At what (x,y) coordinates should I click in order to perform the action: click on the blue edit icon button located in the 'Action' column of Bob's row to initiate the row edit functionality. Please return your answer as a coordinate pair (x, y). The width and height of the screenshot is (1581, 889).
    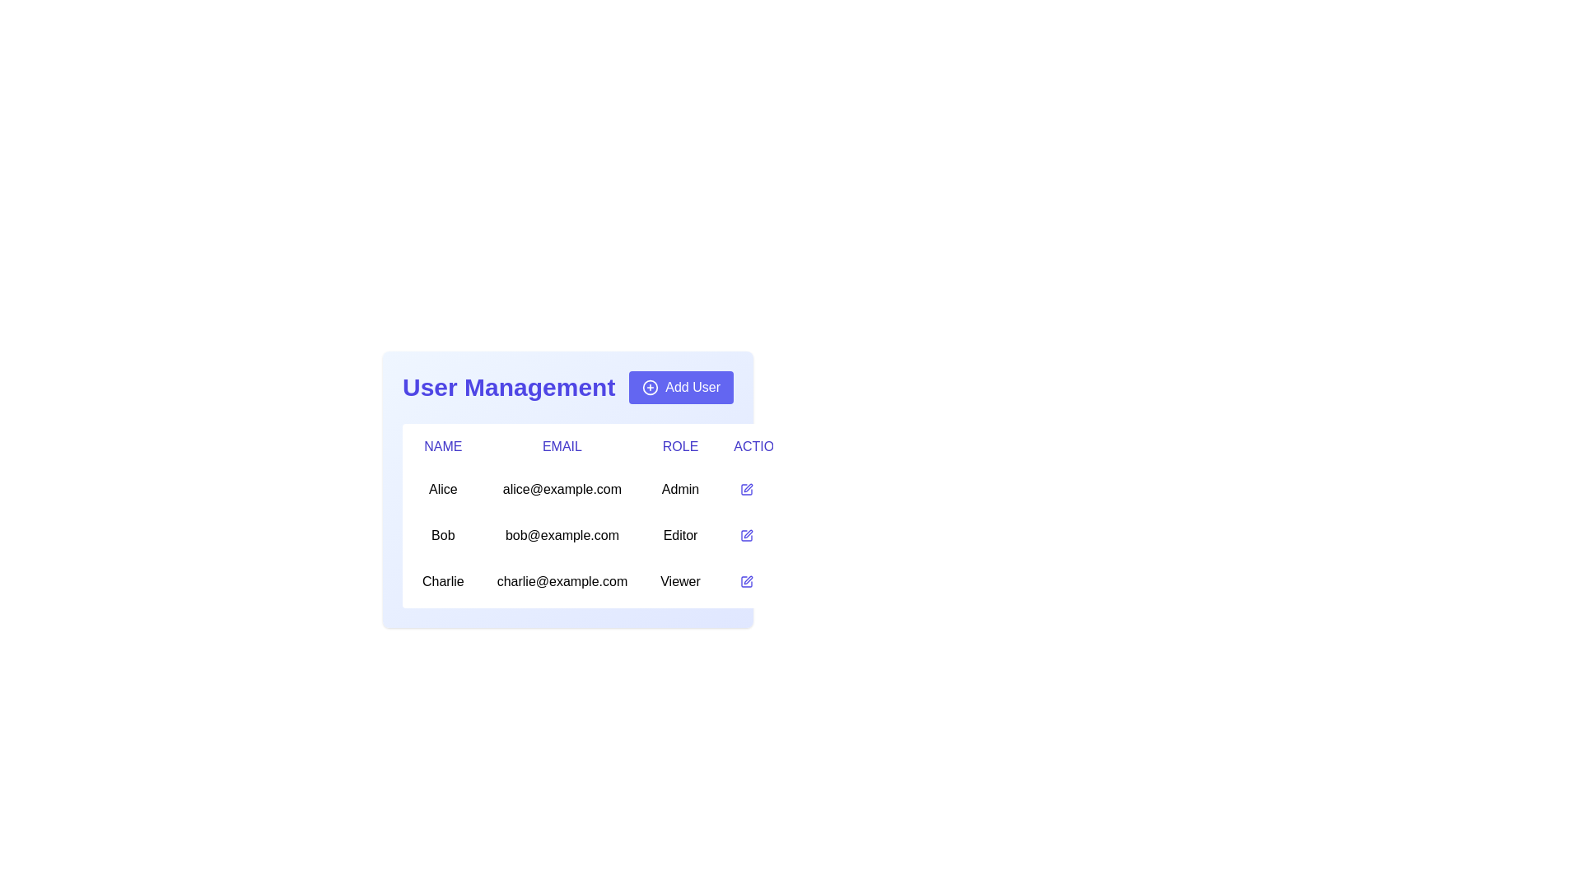
    Looking at the image, I should click on (745, 536).